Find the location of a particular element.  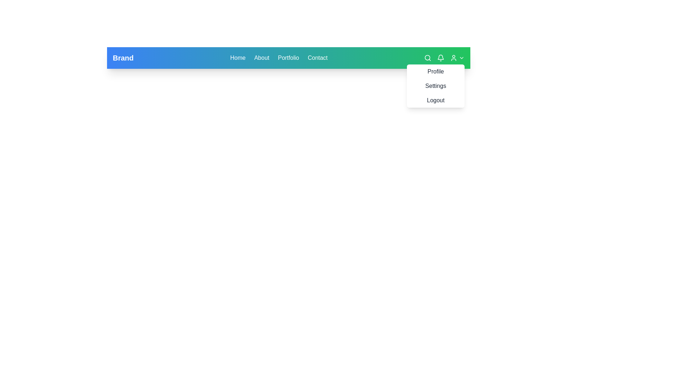

the Text link located in the horizontal navigation menu is located at coordinates (238, 58).